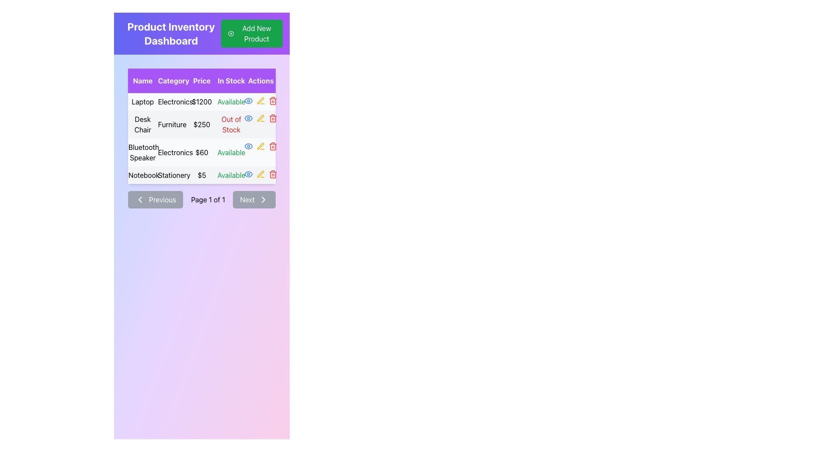 The width and height of the screenshot is (839, 472). Describe the element at coordinates (248, 118) in the screenshot. I see `the eye icon in the 'Actions' column of the table that represents the 'View' action for the fourth row (Notebook category)` at that location.